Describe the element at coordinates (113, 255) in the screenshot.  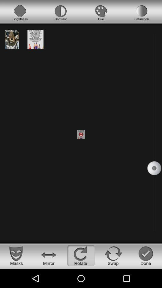
I see `swap option` at that location.